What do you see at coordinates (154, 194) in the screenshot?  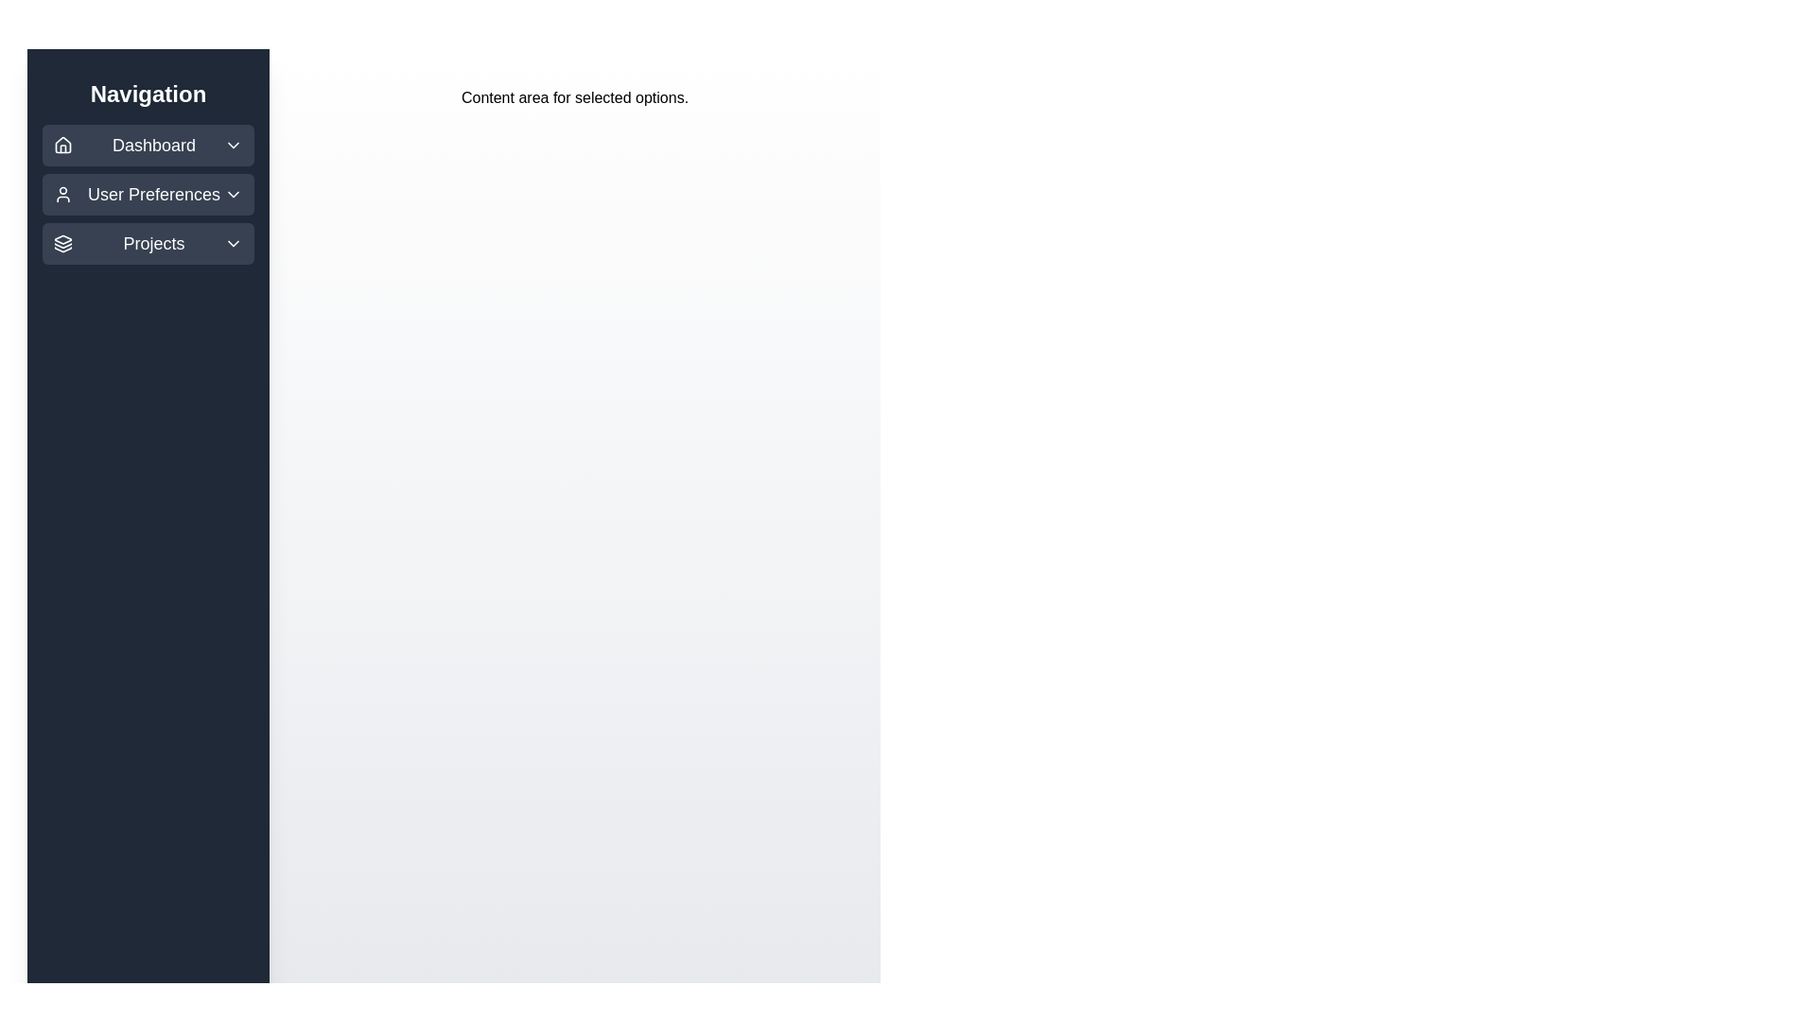 I see `the 'User Preferences' text label UI component, which is prominently displayed in white against a dark gray-blue background within the sidebar navigation menu, positioned centrally between a user icon and a dropdown arrow icon` at bounding box center [154, 194].